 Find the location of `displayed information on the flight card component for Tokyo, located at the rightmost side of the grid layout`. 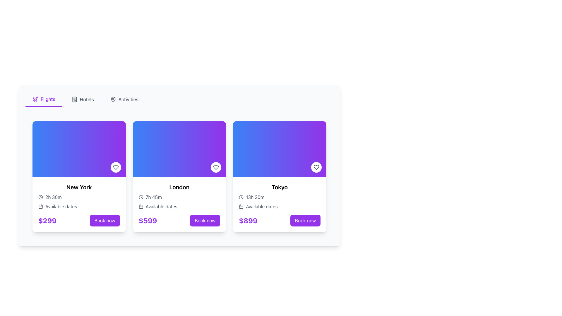

displayed information on the flight card component for Tokyo, located at the rightmost side of the grid layout is located at coordinates (279, 204).